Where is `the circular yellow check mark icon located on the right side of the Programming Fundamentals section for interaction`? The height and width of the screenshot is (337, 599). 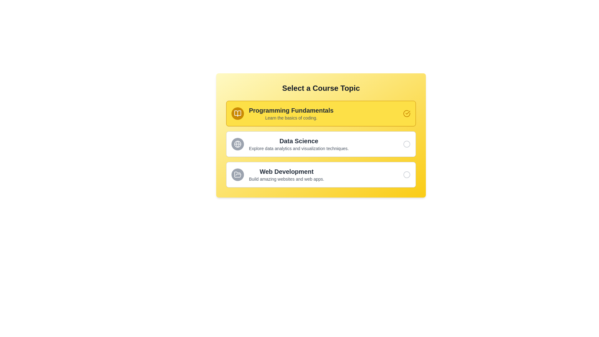
the circular yellow check mark icon located on the right side of the Programming Fundamentals section for interaction is located at coordinates (407, 113).